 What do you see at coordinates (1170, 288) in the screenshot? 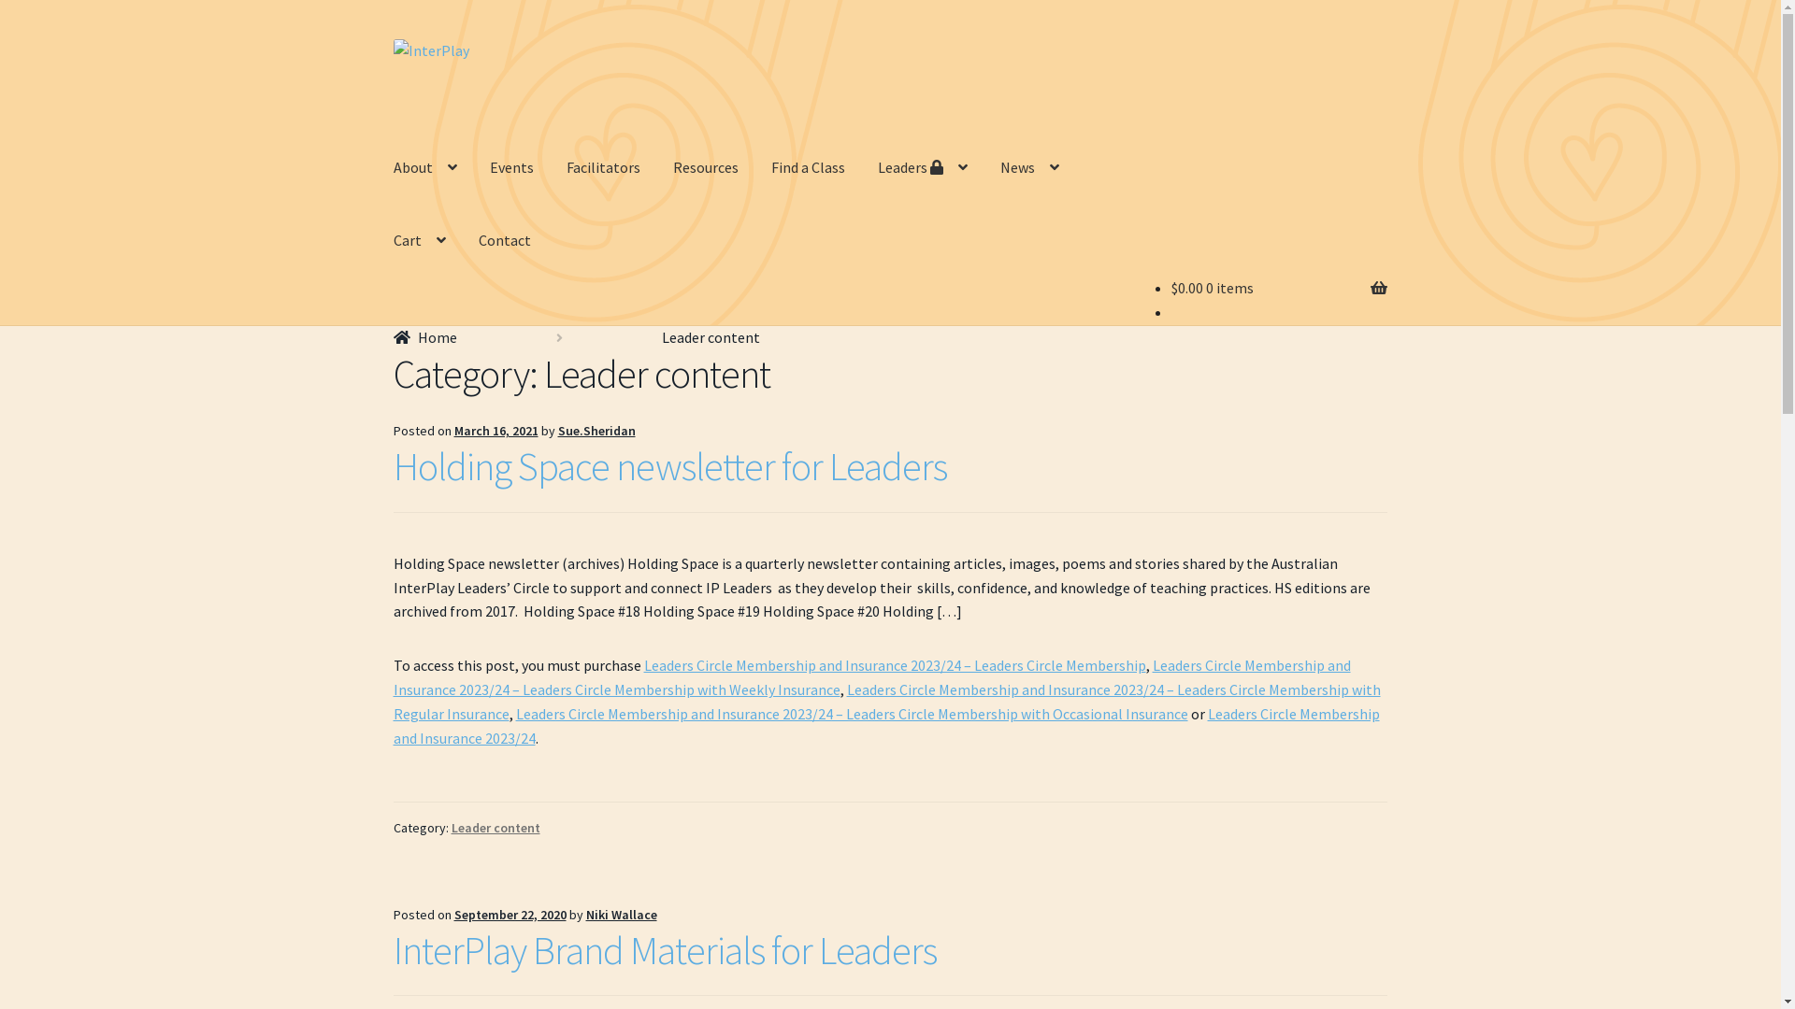
I see `'$0.00 0 items'` at bounding box center [1170, 288].